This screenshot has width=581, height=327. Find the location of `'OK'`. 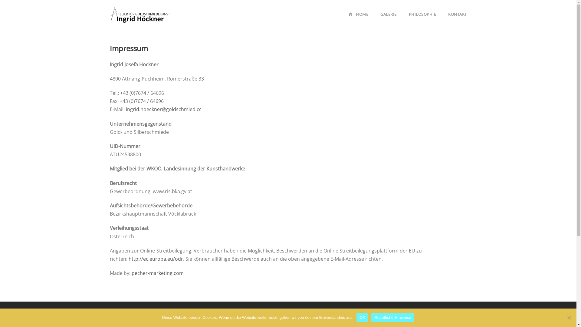

'OK' is located at coordinates (356, 317).